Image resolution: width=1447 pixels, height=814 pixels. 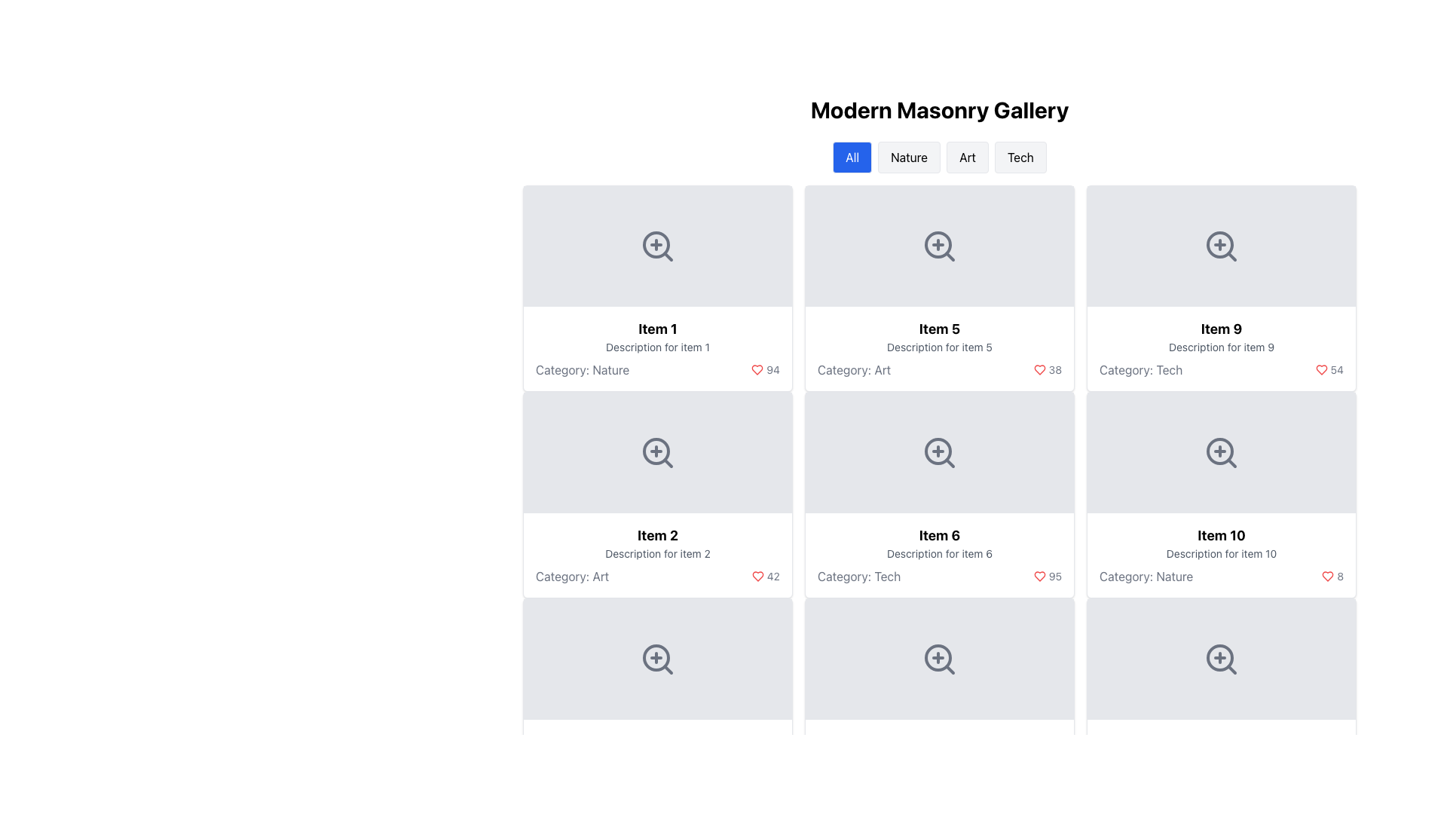 I want to click on the red heart-shaped button located in the bottom-right corner of the content box for 'Item 6', which is adjacent to the numeric value 95, so click(x=757, y=576).